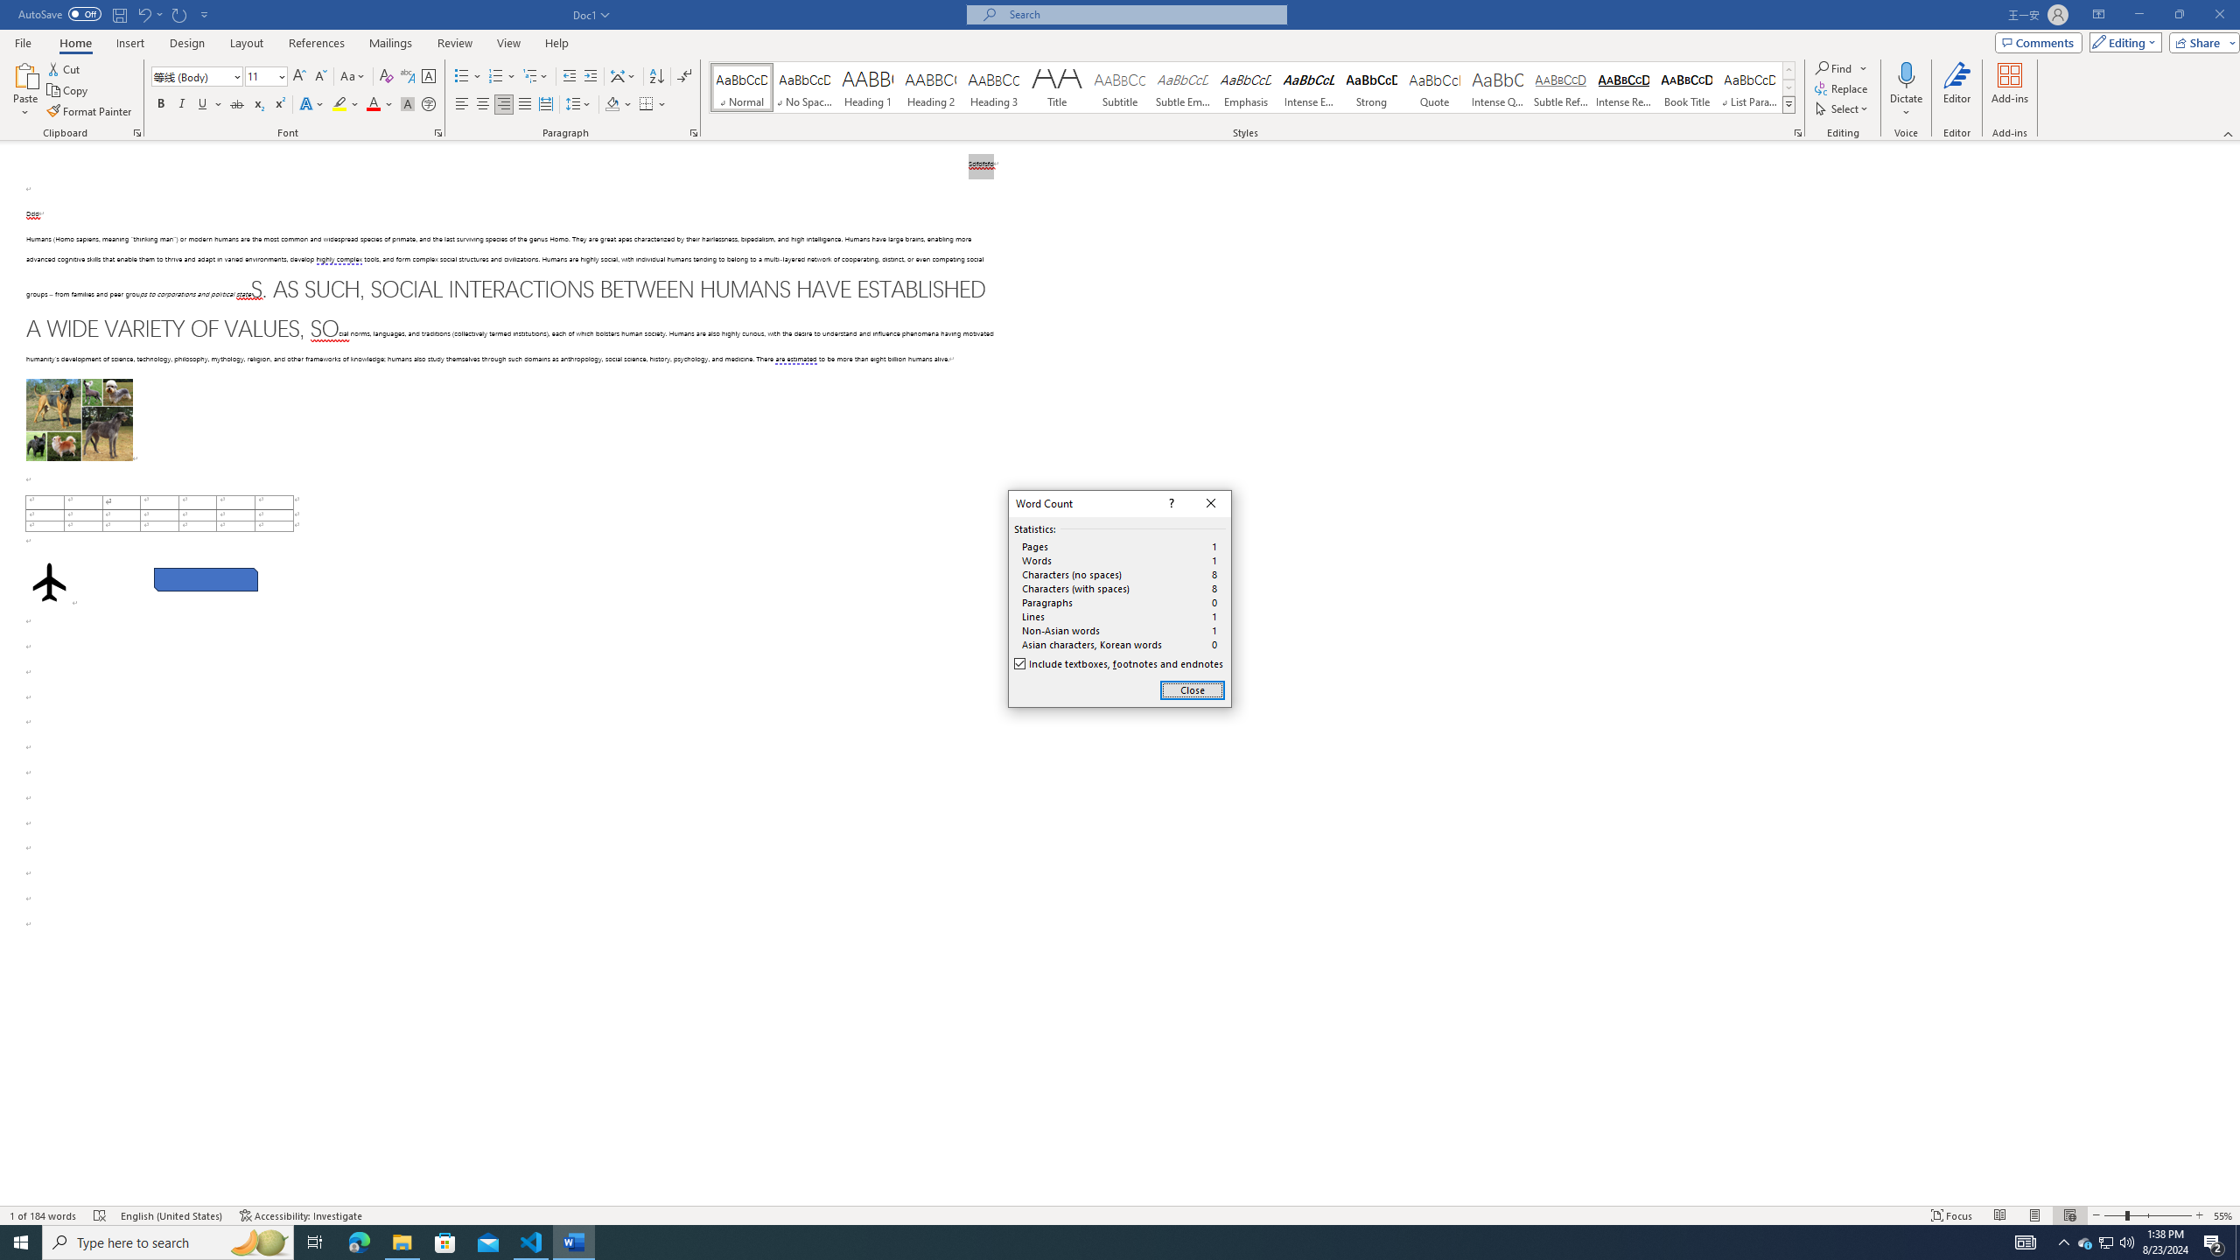  What do you see at coordinates (44, 1215) in the screenshot?
I see `'Word Count 1 of 184 words'` at bounding box center [44, 1215].